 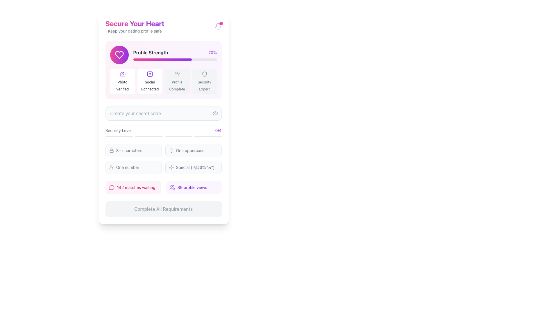 What do you see at coordinates (177, 74) in the screenshot?
I see `the user verification icon with a check mark located in the 'Profile Complete' section of the 'Profile Strength' header, which is the third icon from the left` at bounding box center [177, 74].